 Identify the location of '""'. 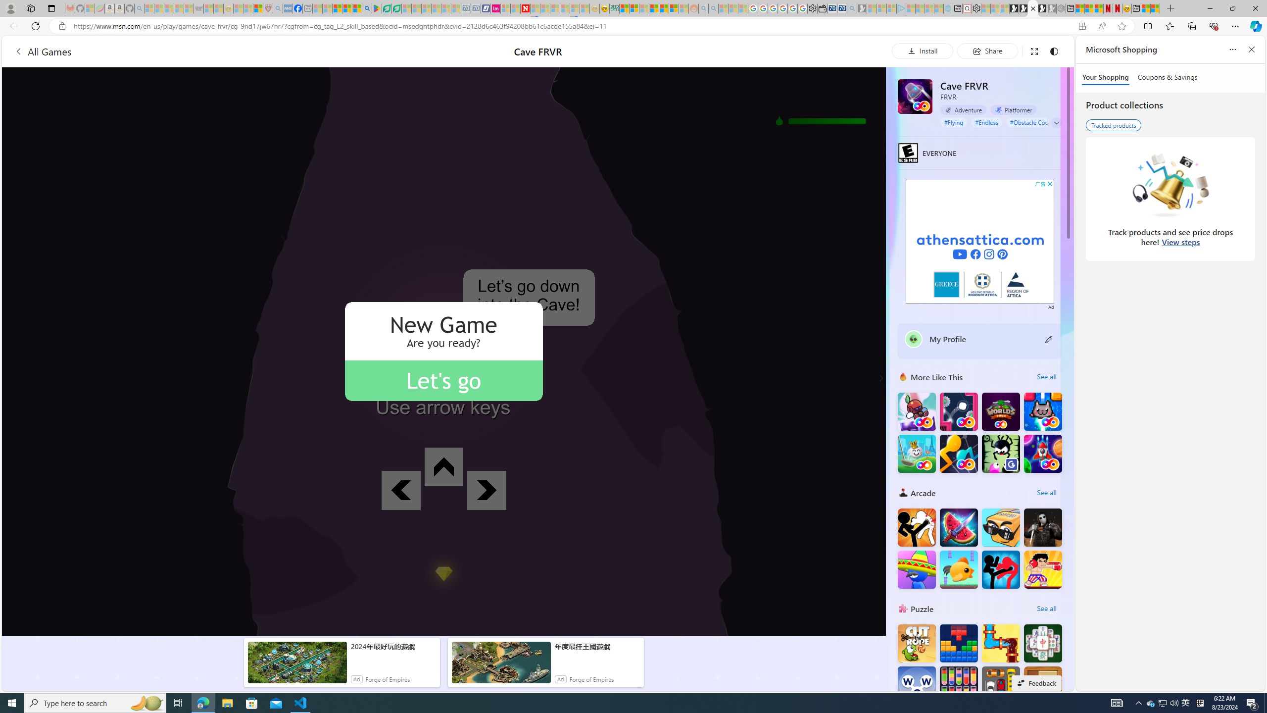
(913, 339).